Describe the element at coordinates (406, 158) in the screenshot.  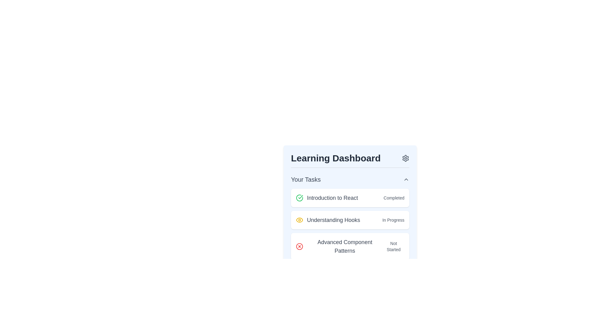
I see `the outer gear-shaped settings icon located` at that location.